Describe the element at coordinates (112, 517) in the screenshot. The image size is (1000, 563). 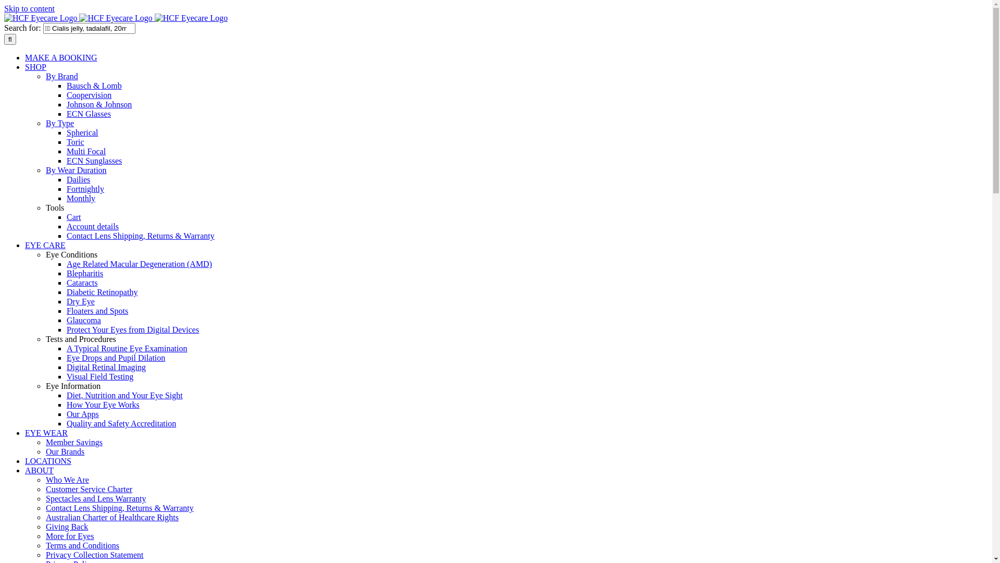
I see `'Australian Charter of Healthcare Rights'` at that location.